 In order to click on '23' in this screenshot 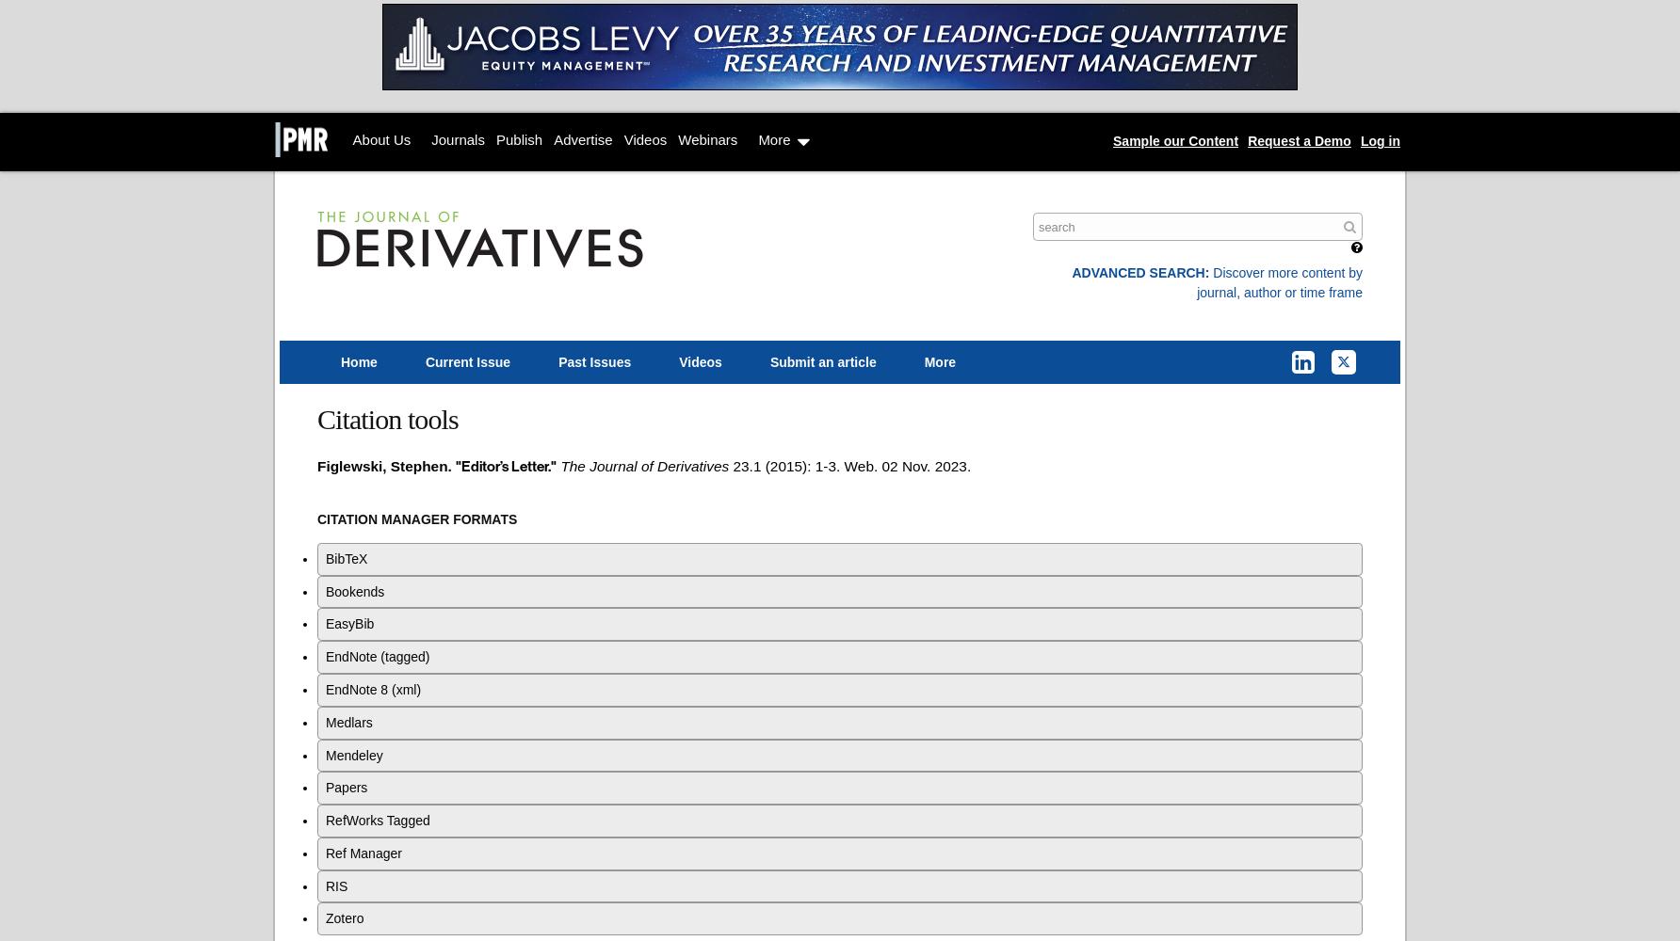, I will do `click(739, 464)`.